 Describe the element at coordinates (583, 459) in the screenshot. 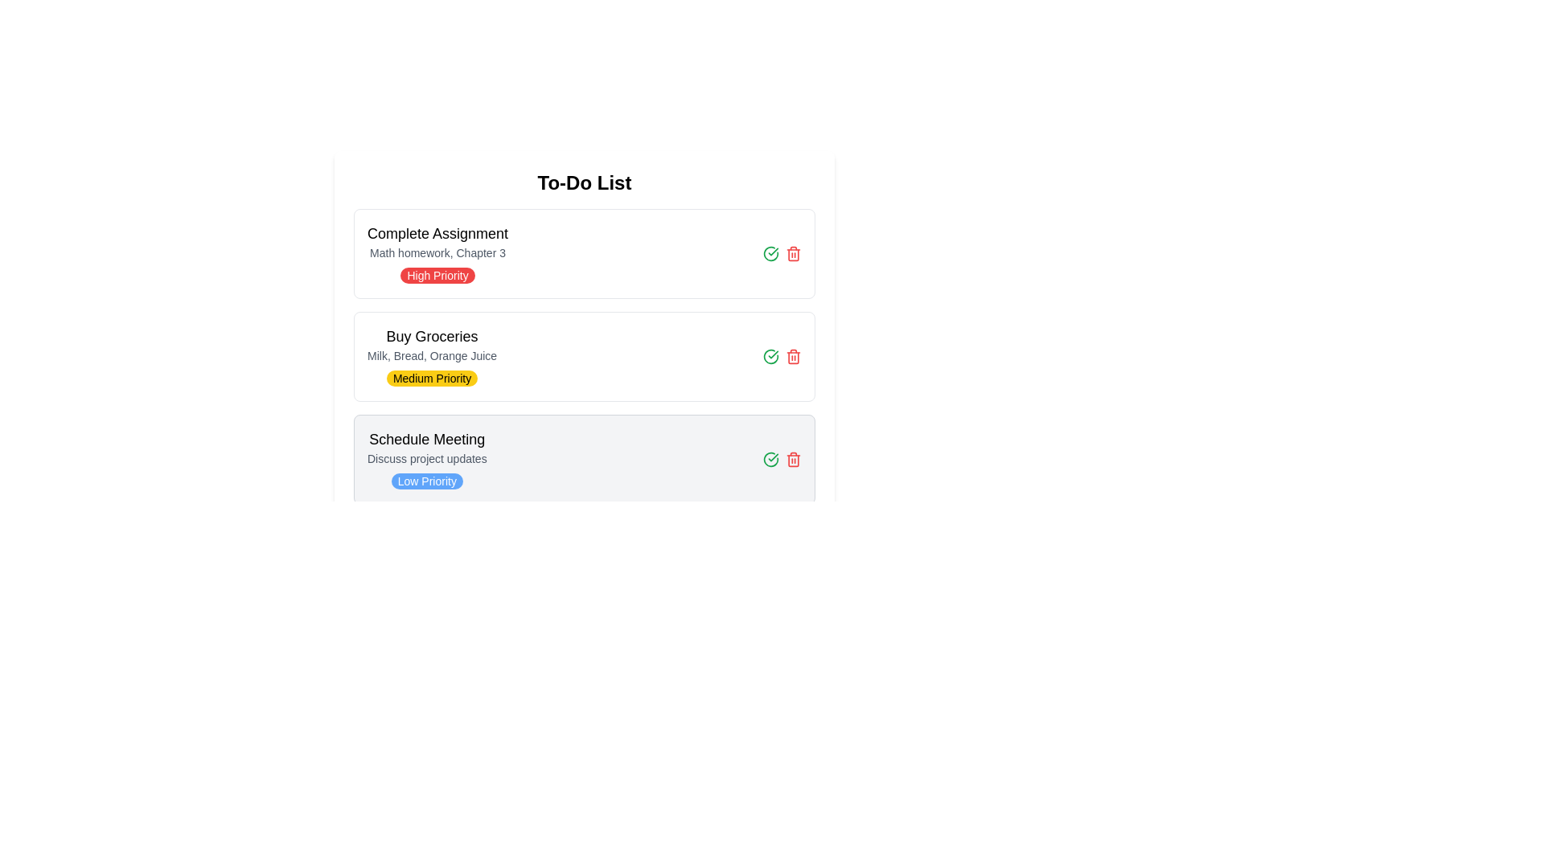

I see `the Task Item element in the to-do list, which is located below the 'Buy Groceries' item` at that location.